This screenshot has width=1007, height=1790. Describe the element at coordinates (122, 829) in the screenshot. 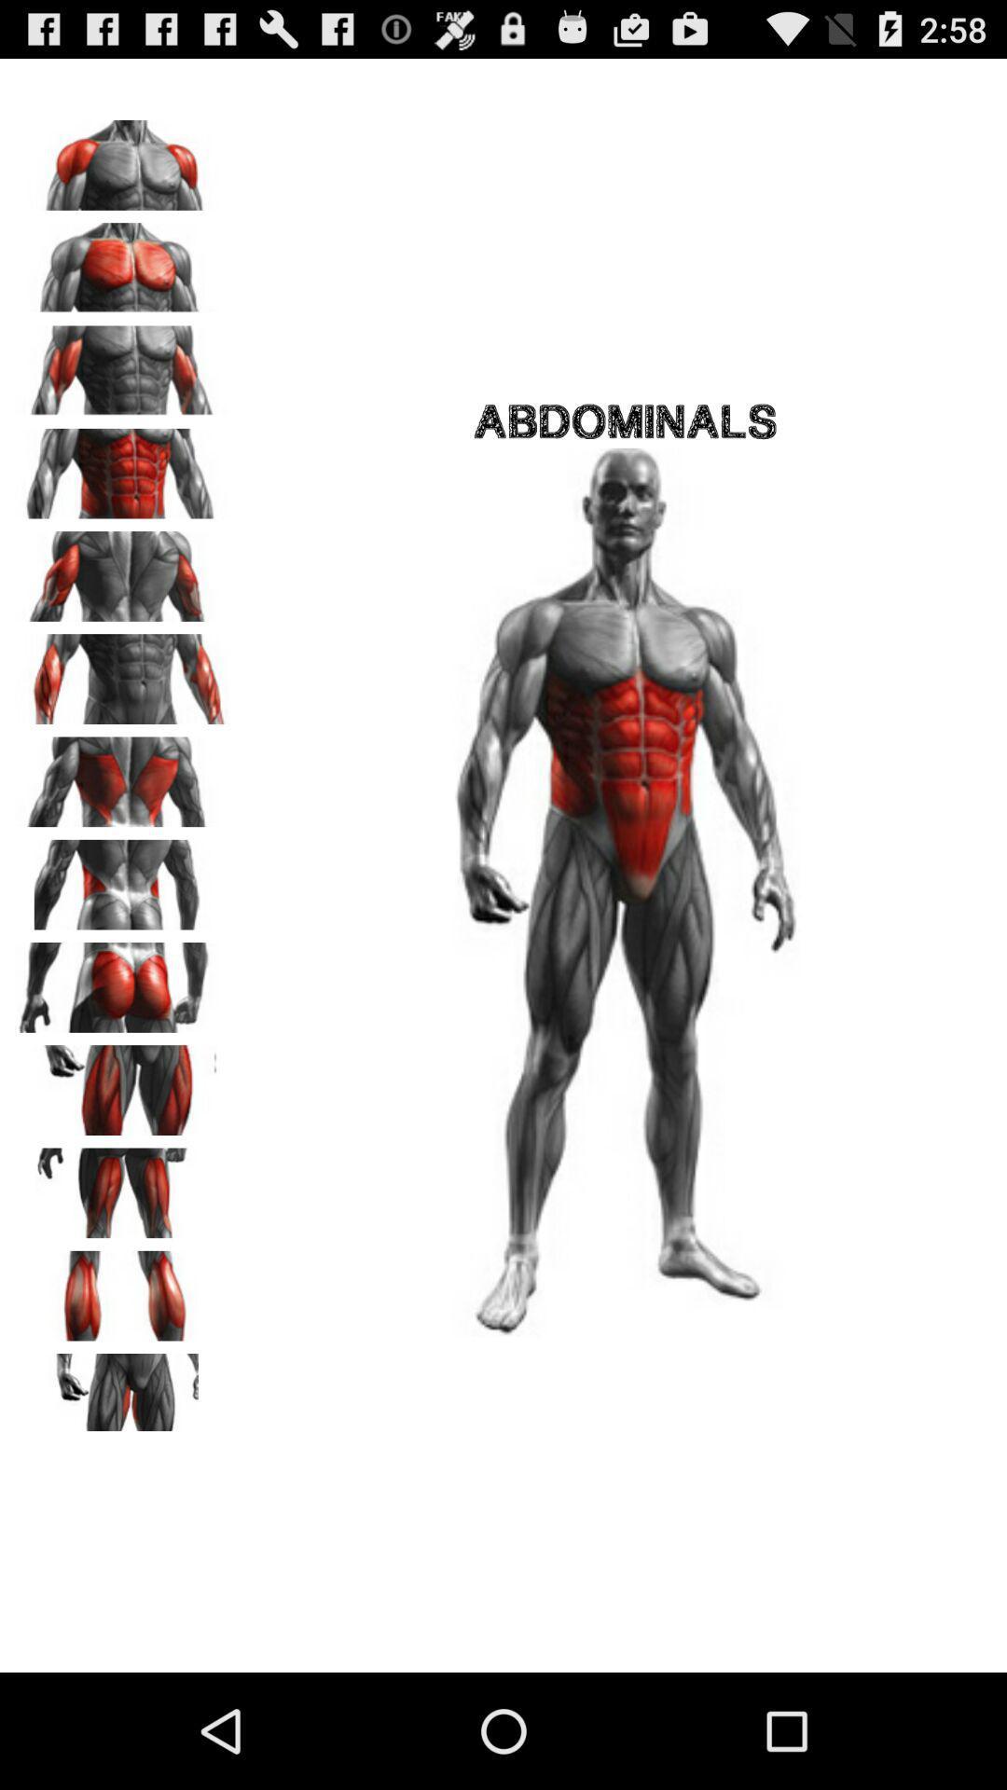

I see `the font icon` at that location.